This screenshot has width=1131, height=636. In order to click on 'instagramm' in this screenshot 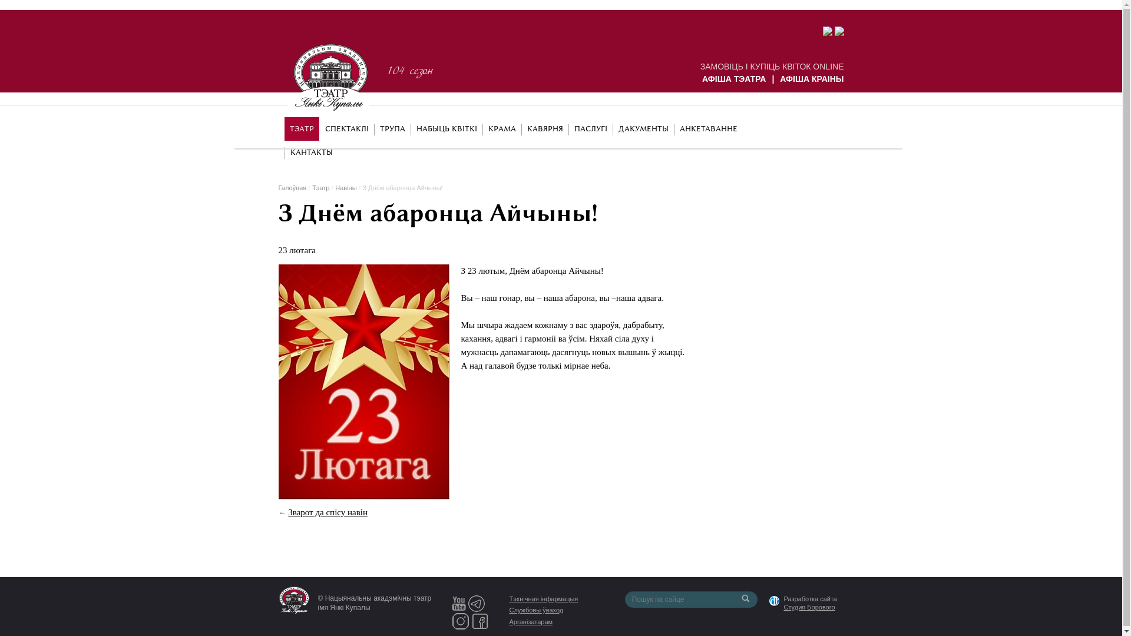, I will do `click(451, 620)`.